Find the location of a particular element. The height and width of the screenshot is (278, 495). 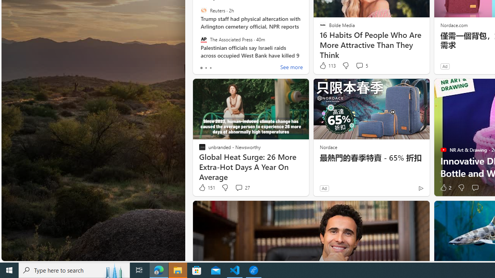

'tab-0' is located at coordinates (201, 68).